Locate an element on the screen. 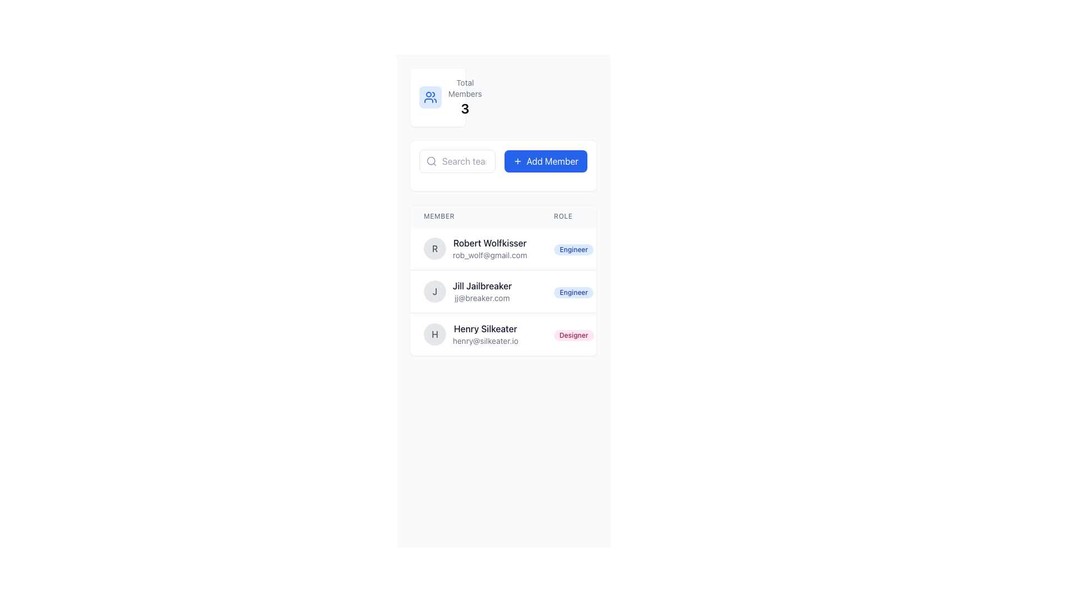 This screenshot has height=601, width=1068. the email address text label displaying 'Henry Silkeater' in the user management interface, located directly below the name field in the user panel is located at coordinates (486, 341).